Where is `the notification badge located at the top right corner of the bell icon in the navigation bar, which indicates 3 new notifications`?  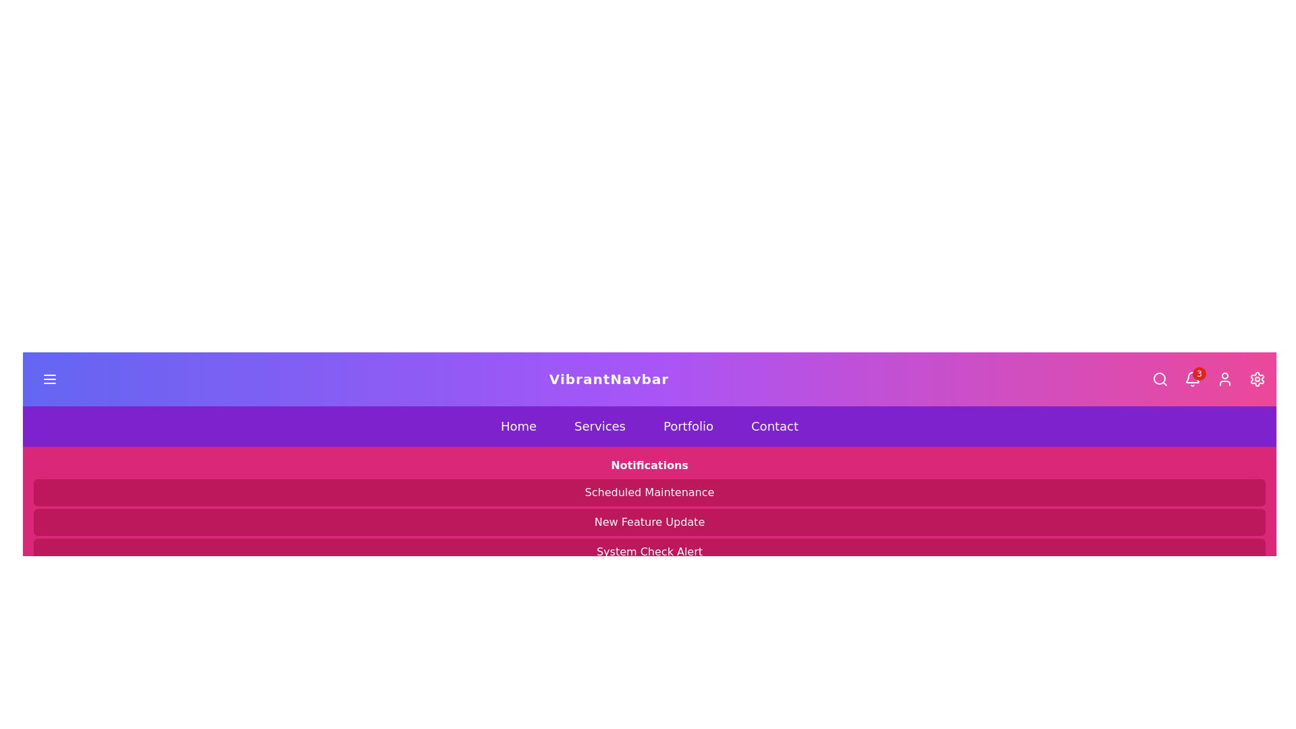
the notification badge located at the top right corner of the bell icon in the navigation bar, which indicates 3 new notifications is located at coordinates (1199, 374).